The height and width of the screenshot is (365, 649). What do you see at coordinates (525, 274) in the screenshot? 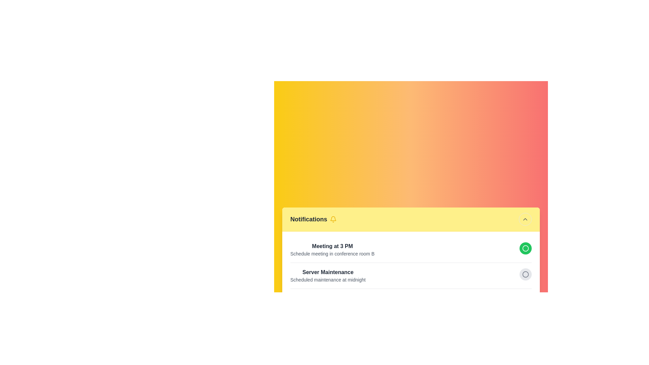
I see `the central circular graphical icon component located in the bottom-right corner of the notification dropdown menu, near the 'Server Maintenance' item, if it is interactive` at bounding box center [525, 274].